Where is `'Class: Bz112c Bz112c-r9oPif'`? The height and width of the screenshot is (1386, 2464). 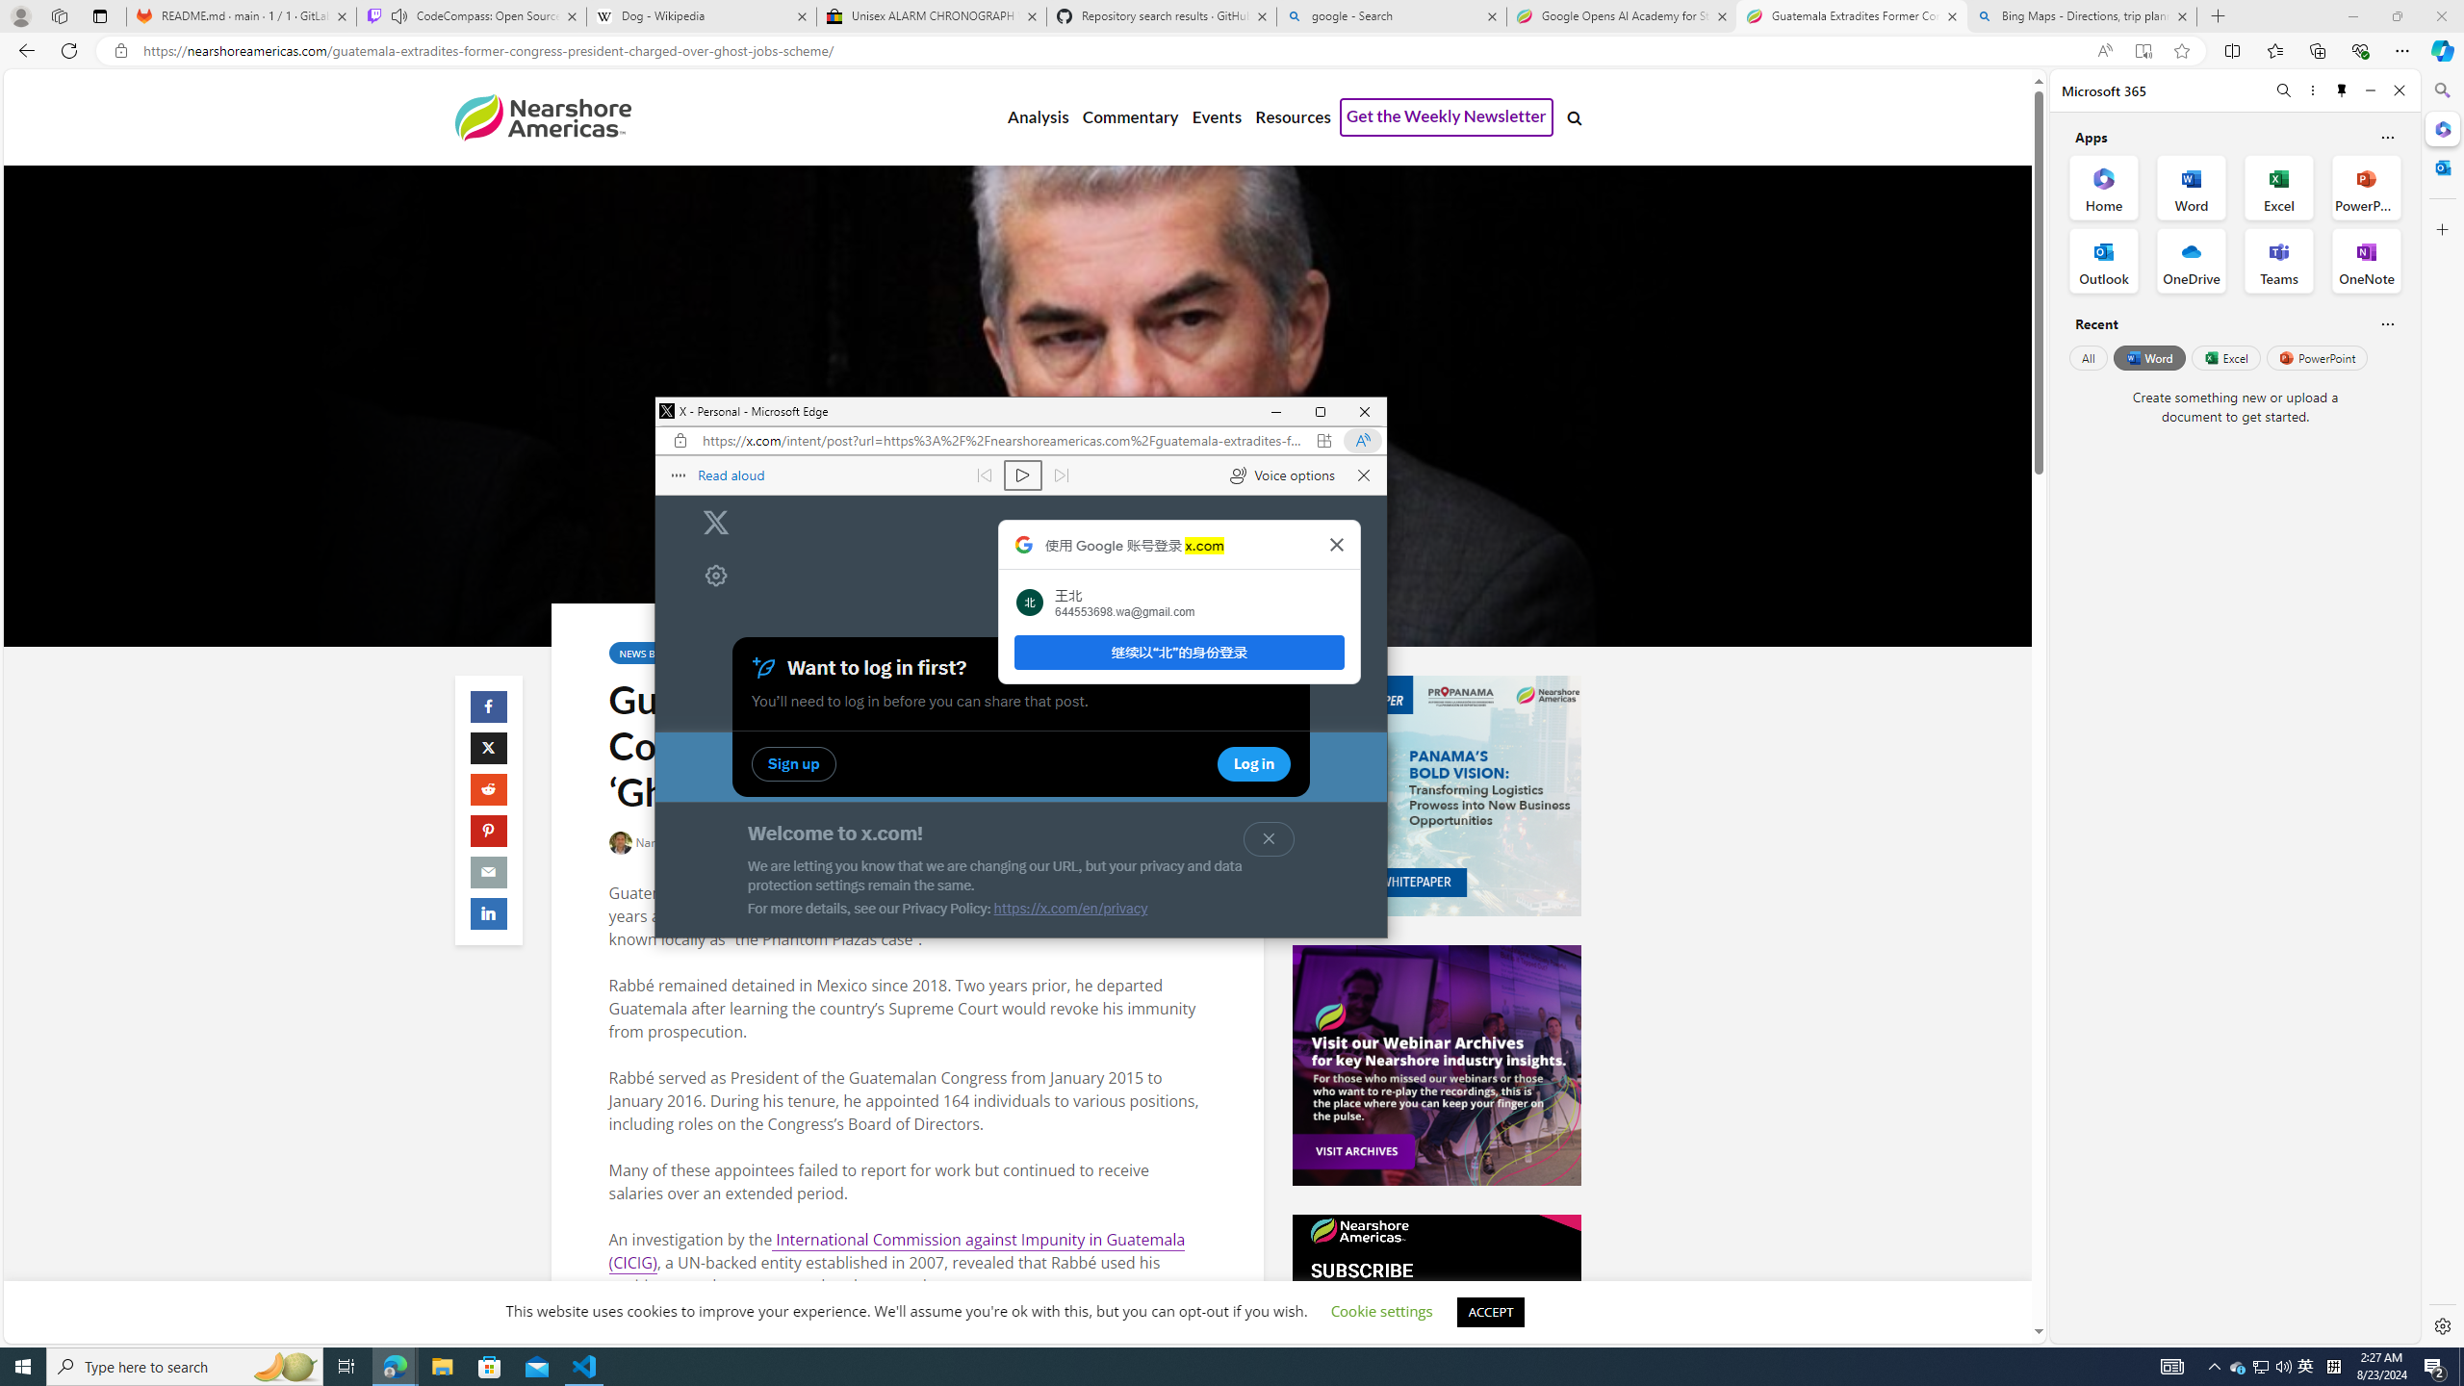
'Class: Bz112c Bz112c-r9oPif' is located at coordinates (1335, 543).